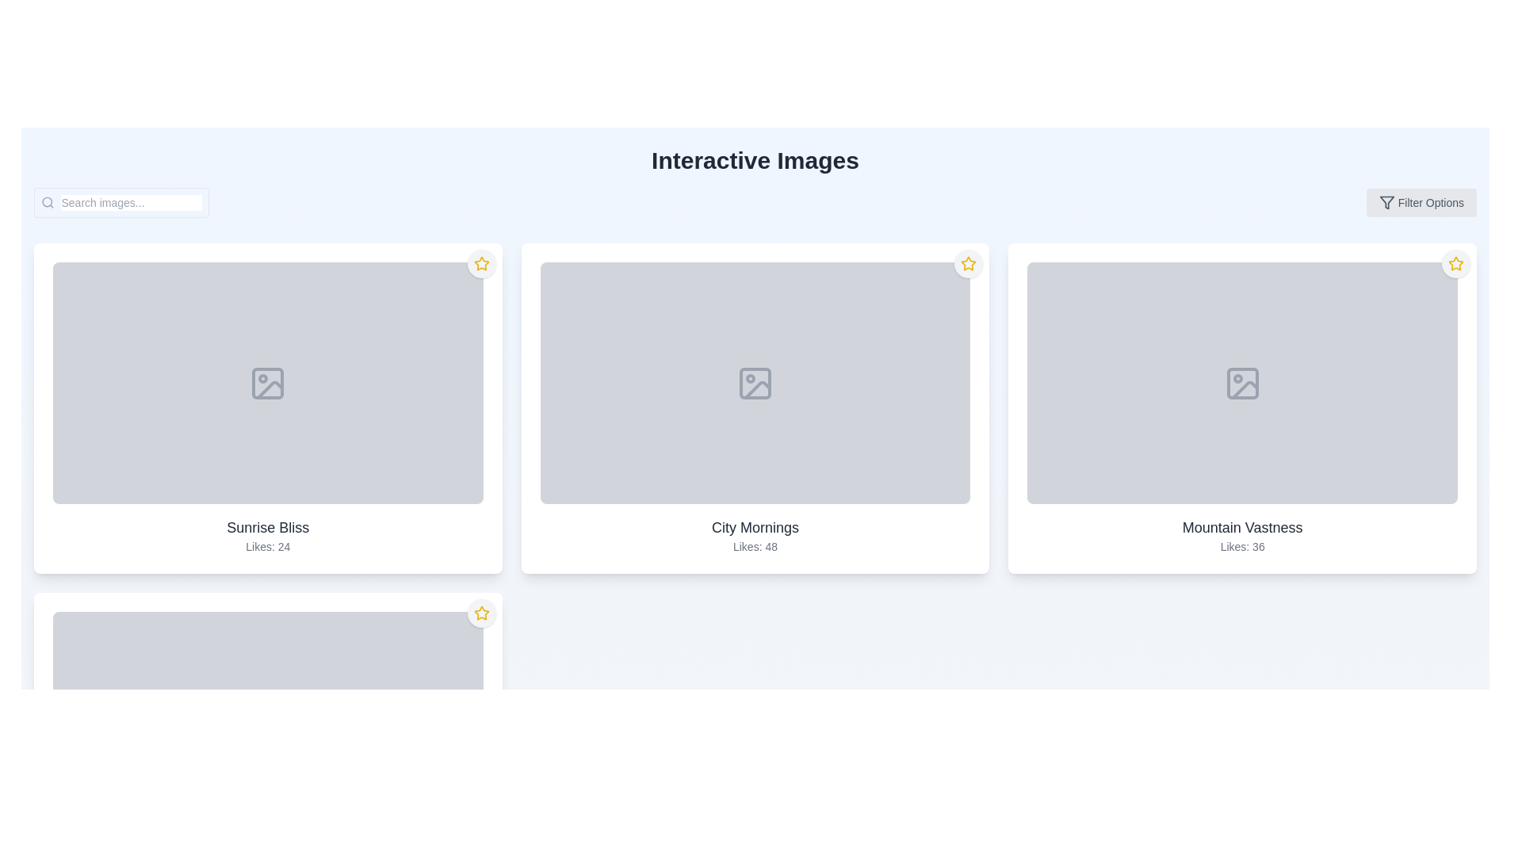 This screenshot has height=856, width=1522. What do you see at coordinates (754, 383) in the screenshot?
I see `the placeholder for media content located at the top of the 'City Mornings' card, which serves as the main visual component and is centrally aligned within it` at bounding box center [754, 383].